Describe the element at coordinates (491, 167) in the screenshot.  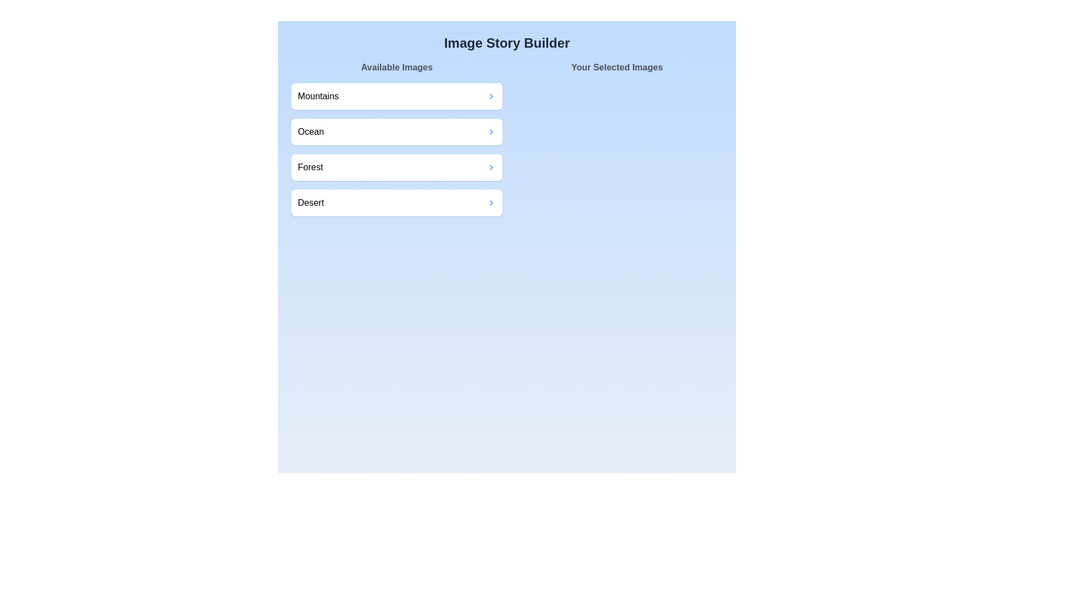
I see `transfer button for the image labeled Forest in the 'Available Images' section` at that location.